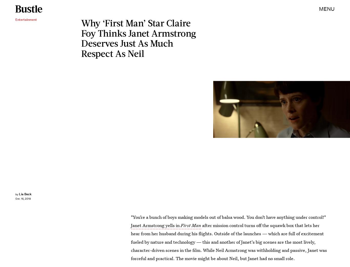  What do you see at coordinates (347, 109) in the screenshot?
I see `'Universal Pictures'` at bounding box center [347, 109].